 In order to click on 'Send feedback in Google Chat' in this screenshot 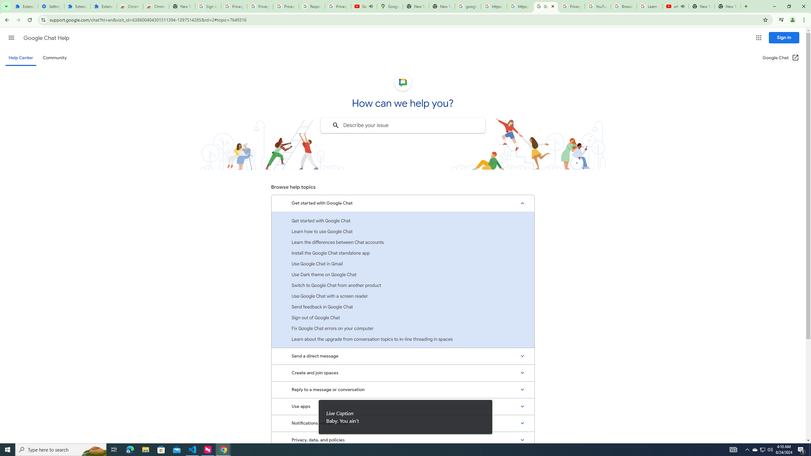, I will do `click(403, 307)`.